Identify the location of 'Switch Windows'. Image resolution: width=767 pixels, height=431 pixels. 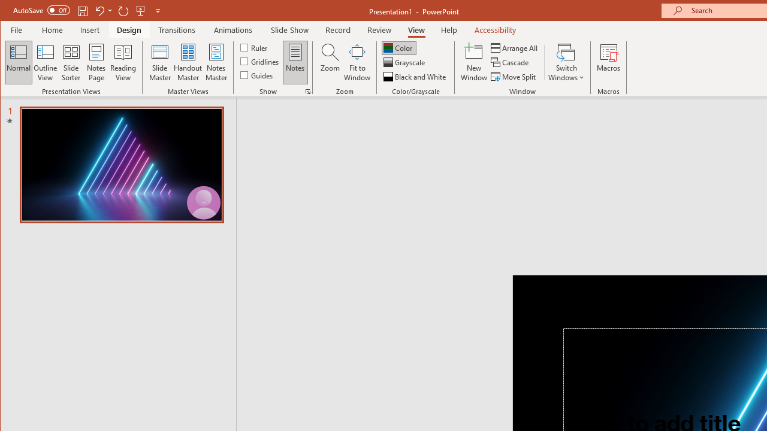
(566, 62).